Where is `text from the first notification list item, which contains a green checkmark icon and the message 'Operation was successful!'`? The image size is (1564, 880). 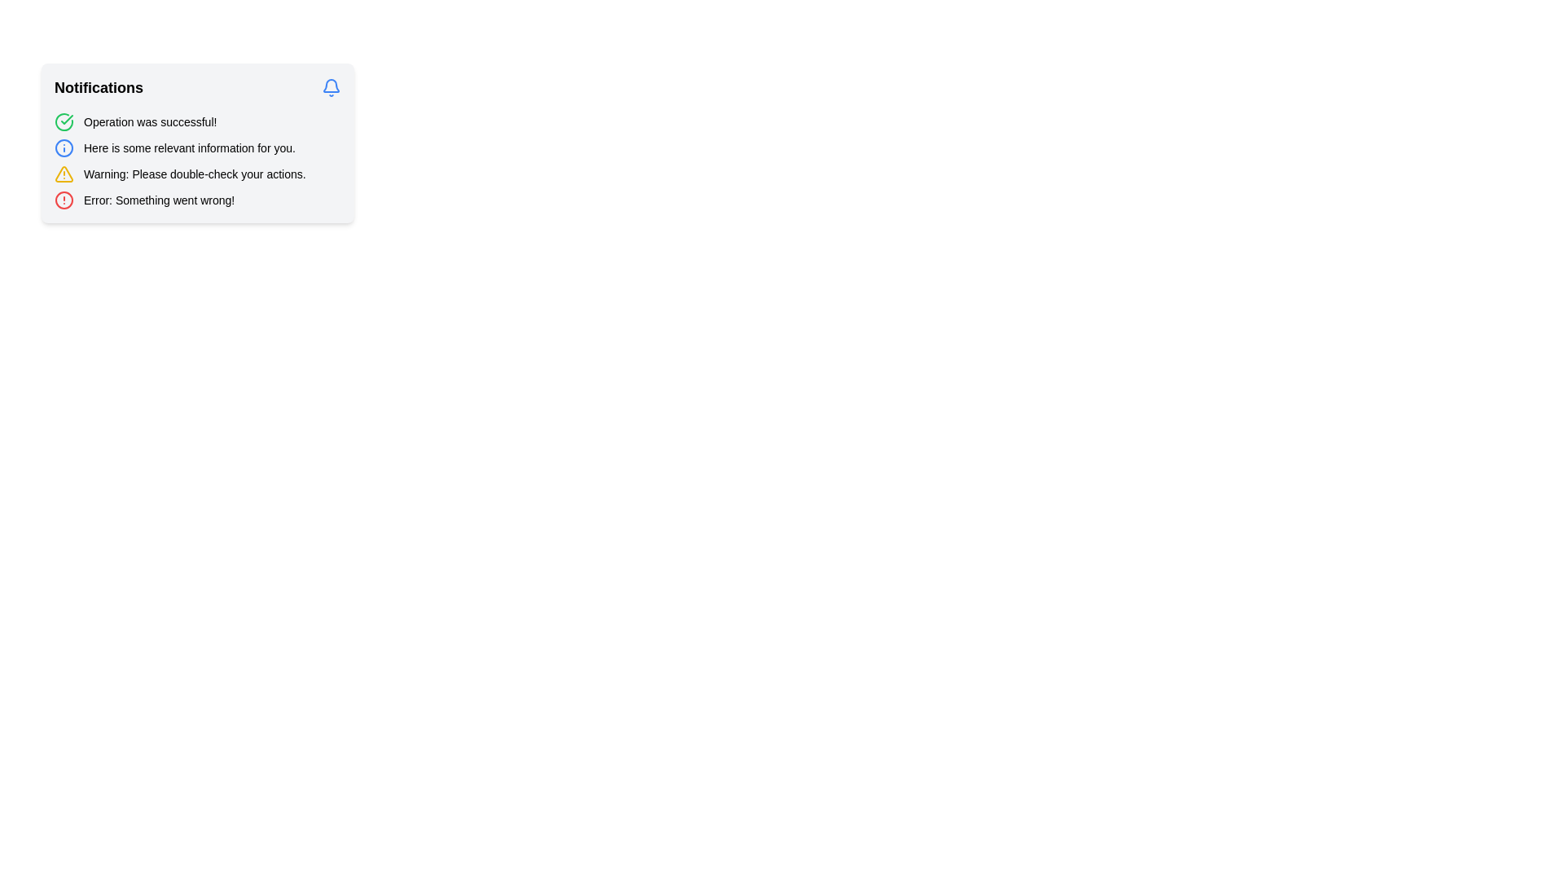
text from the first notification list item, which contains a green checkmark icon and the message 'Operation was successful!' is located at coordinates (197, 121).